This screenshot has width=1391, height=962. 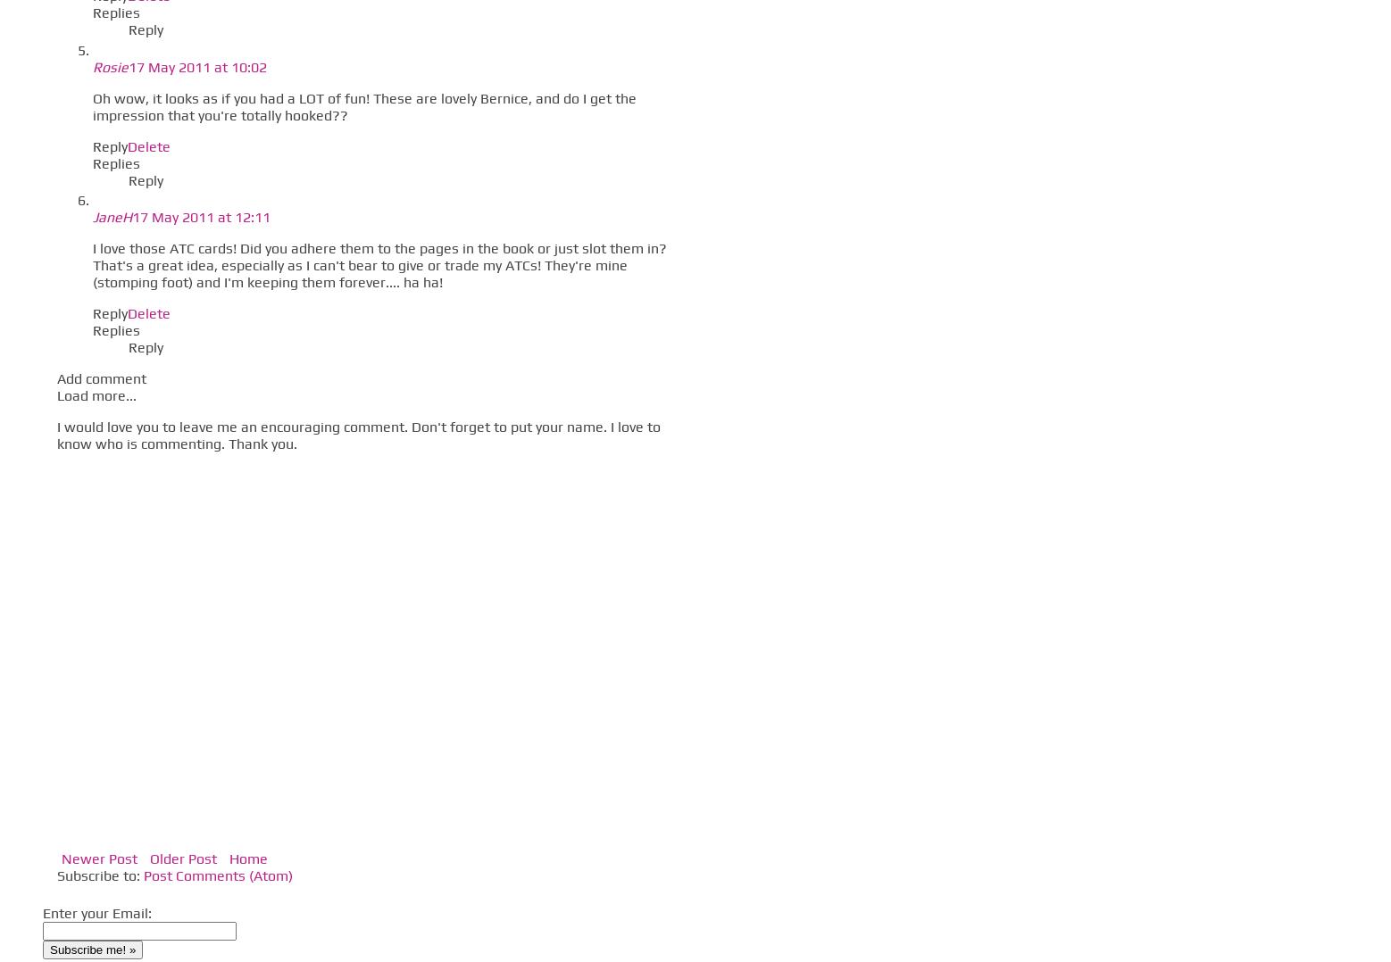 I want to click on '17 May 2011 at 10:02', so click(x=127, y=66).